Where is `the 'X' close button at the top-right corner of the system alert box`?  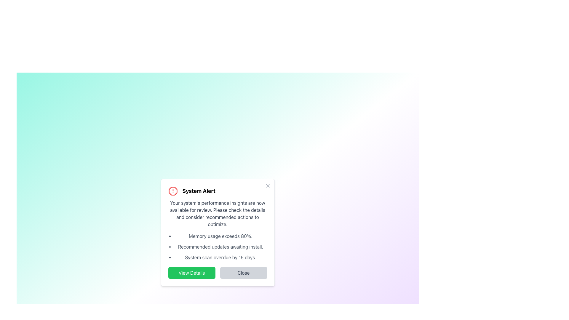
the 'X' close button at the top-right corner of the system alert box is located at coordinates (267, 185).